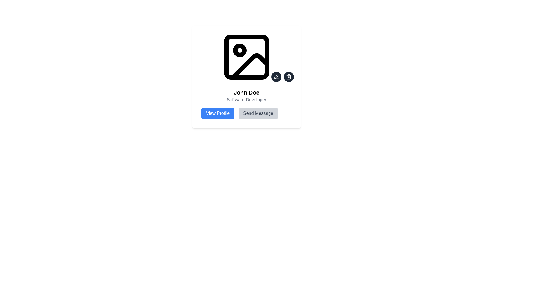 The width and height of the screenshot is (541, 304). Describe the element at coordinates (246, 57) in the screenshot. I see `the graphic element located at the top-left corner of a photo frame icon` at that location.